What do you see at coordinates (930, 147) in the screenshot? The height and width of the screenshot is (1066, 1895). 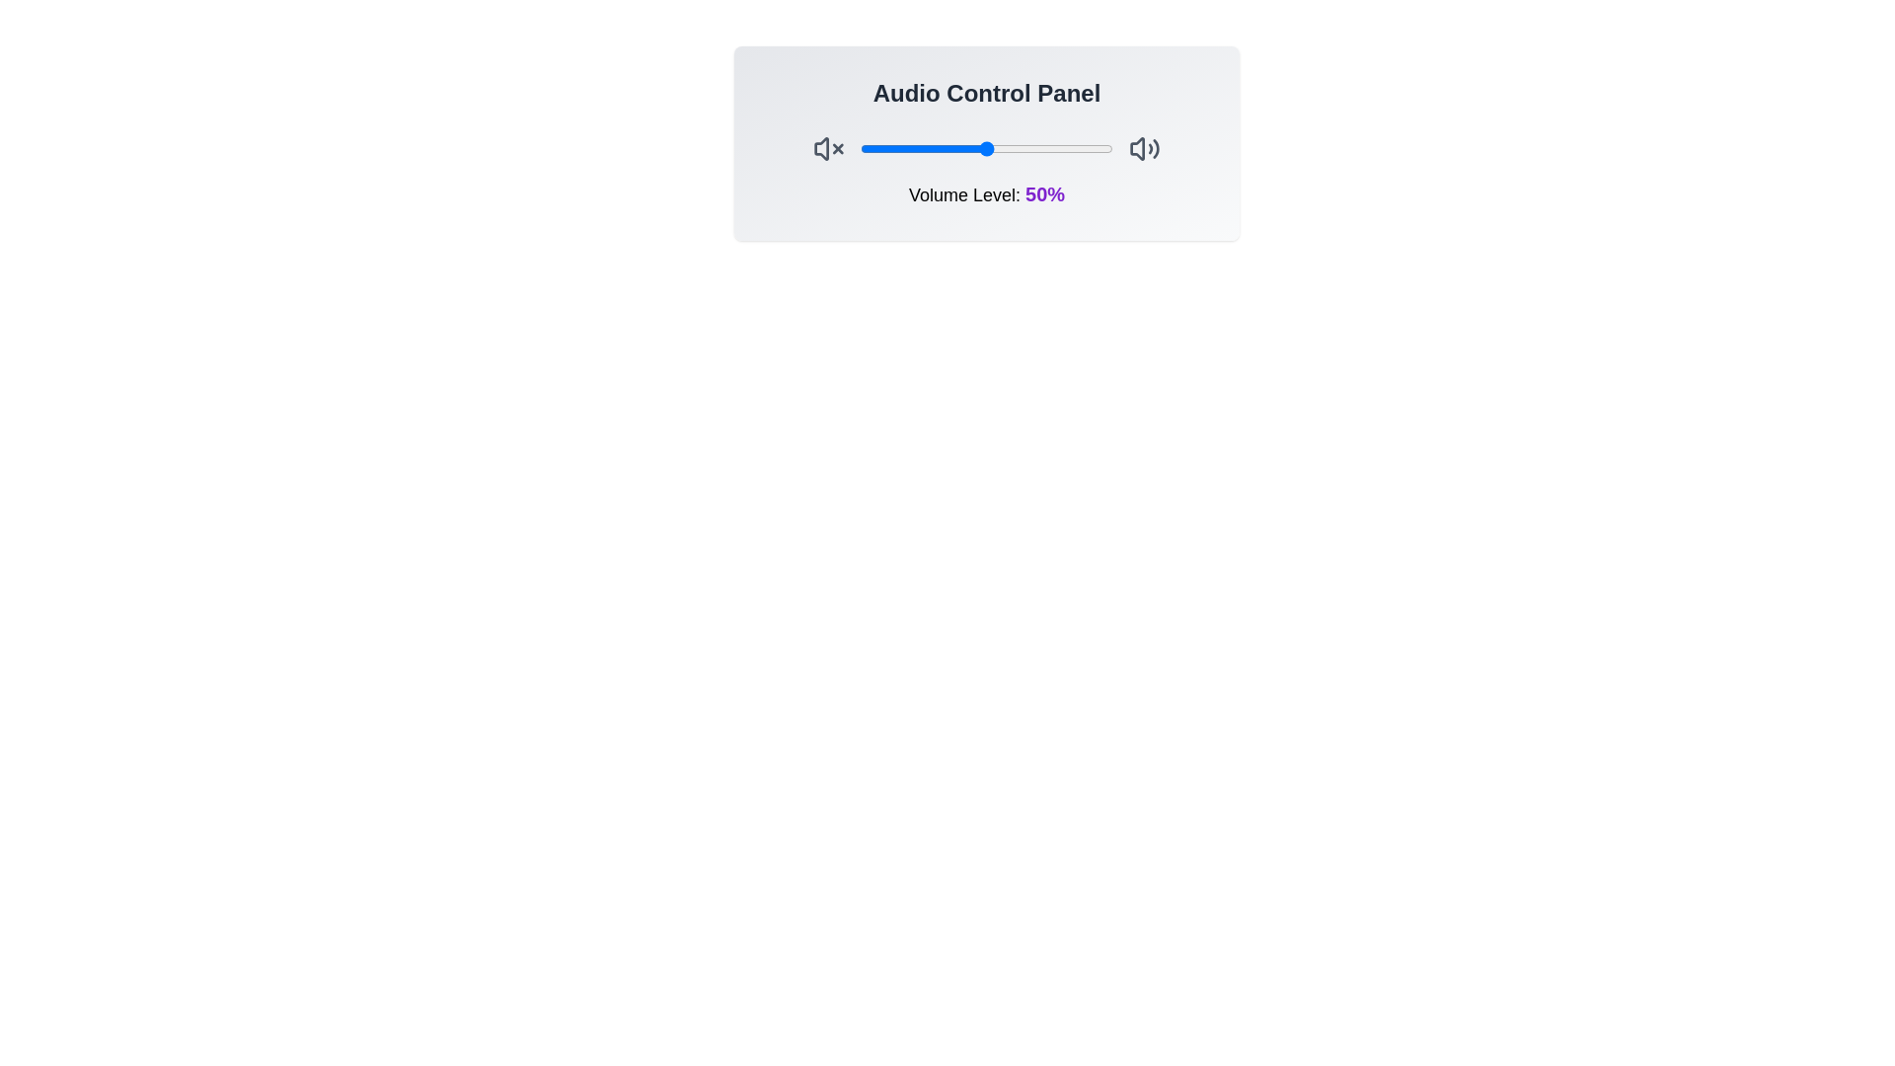 I see `volume` at bounding box center [930, 147].